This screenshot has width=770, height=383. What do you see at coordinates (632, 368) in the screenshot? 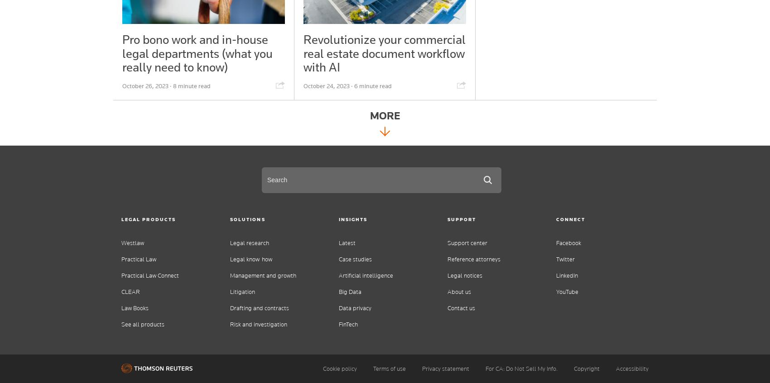
I see `'Accessibility'` at bounding box center [632, 368].